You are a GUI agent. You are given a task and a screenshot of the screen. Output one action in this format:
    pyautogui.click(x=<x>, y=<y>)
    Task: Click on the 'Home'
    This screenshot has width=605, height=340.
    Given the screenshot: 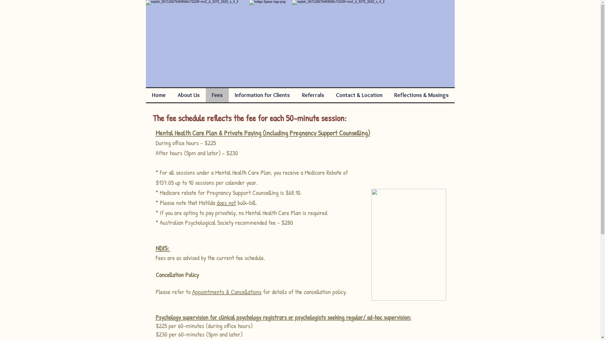 What is the action you would take?
    pyautogui.click(x=145, y=95)
    